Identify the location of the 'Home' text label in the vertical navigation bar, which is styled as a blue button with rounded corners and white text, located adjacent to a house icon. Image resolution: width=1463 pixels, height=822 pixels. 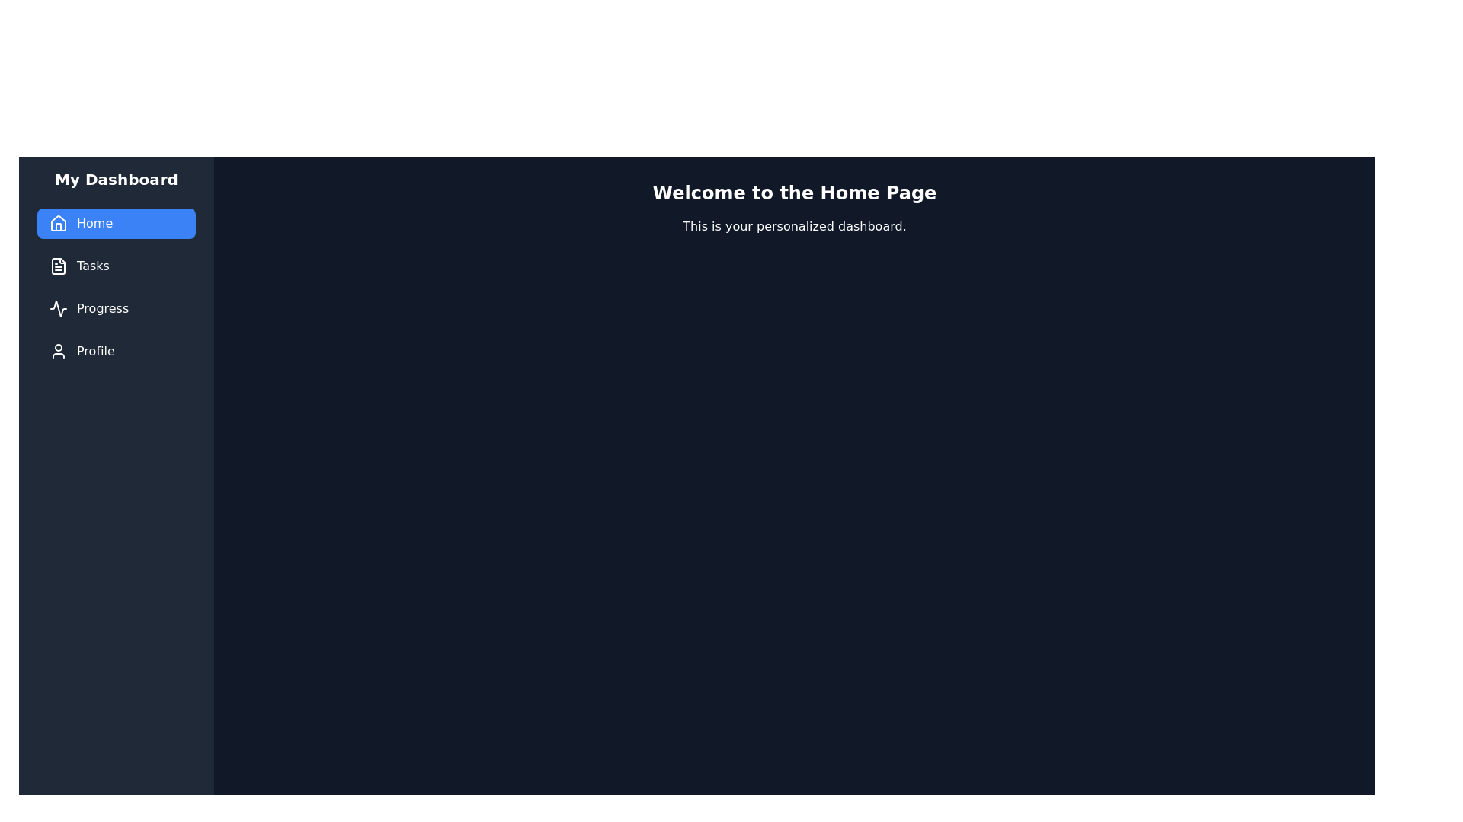
(94, 223).